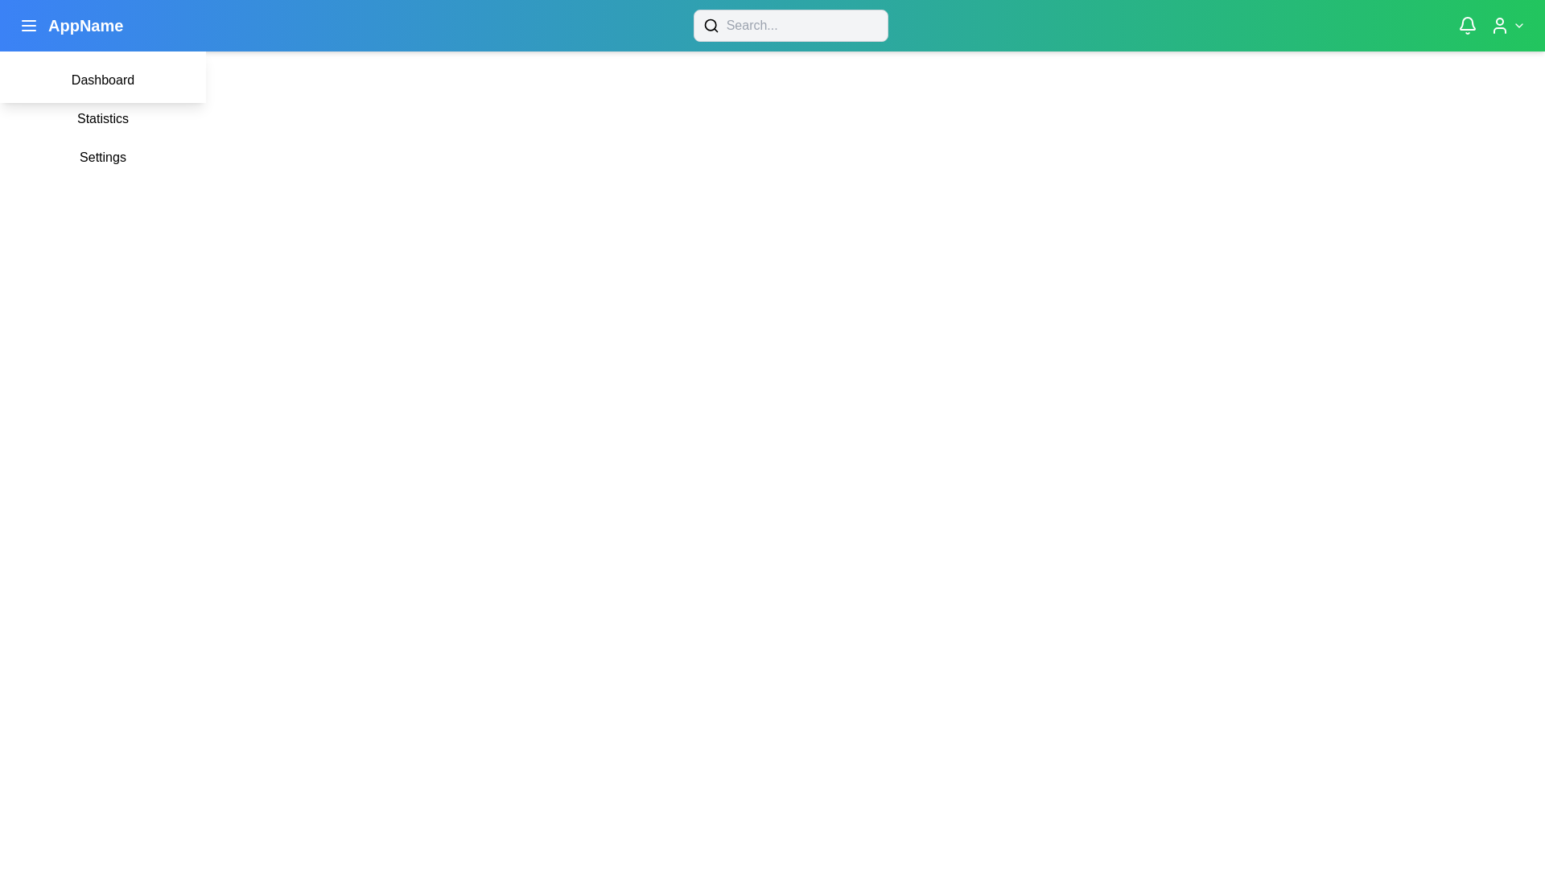 The height and width of the screenshot is (869, 1545). Describe the element at coordinates (84, 25) in the screenshot. I see `the bold white text label reading 'AppName' located in the header area, positioned immediately to the right of the hamburger menu icon` at that location.